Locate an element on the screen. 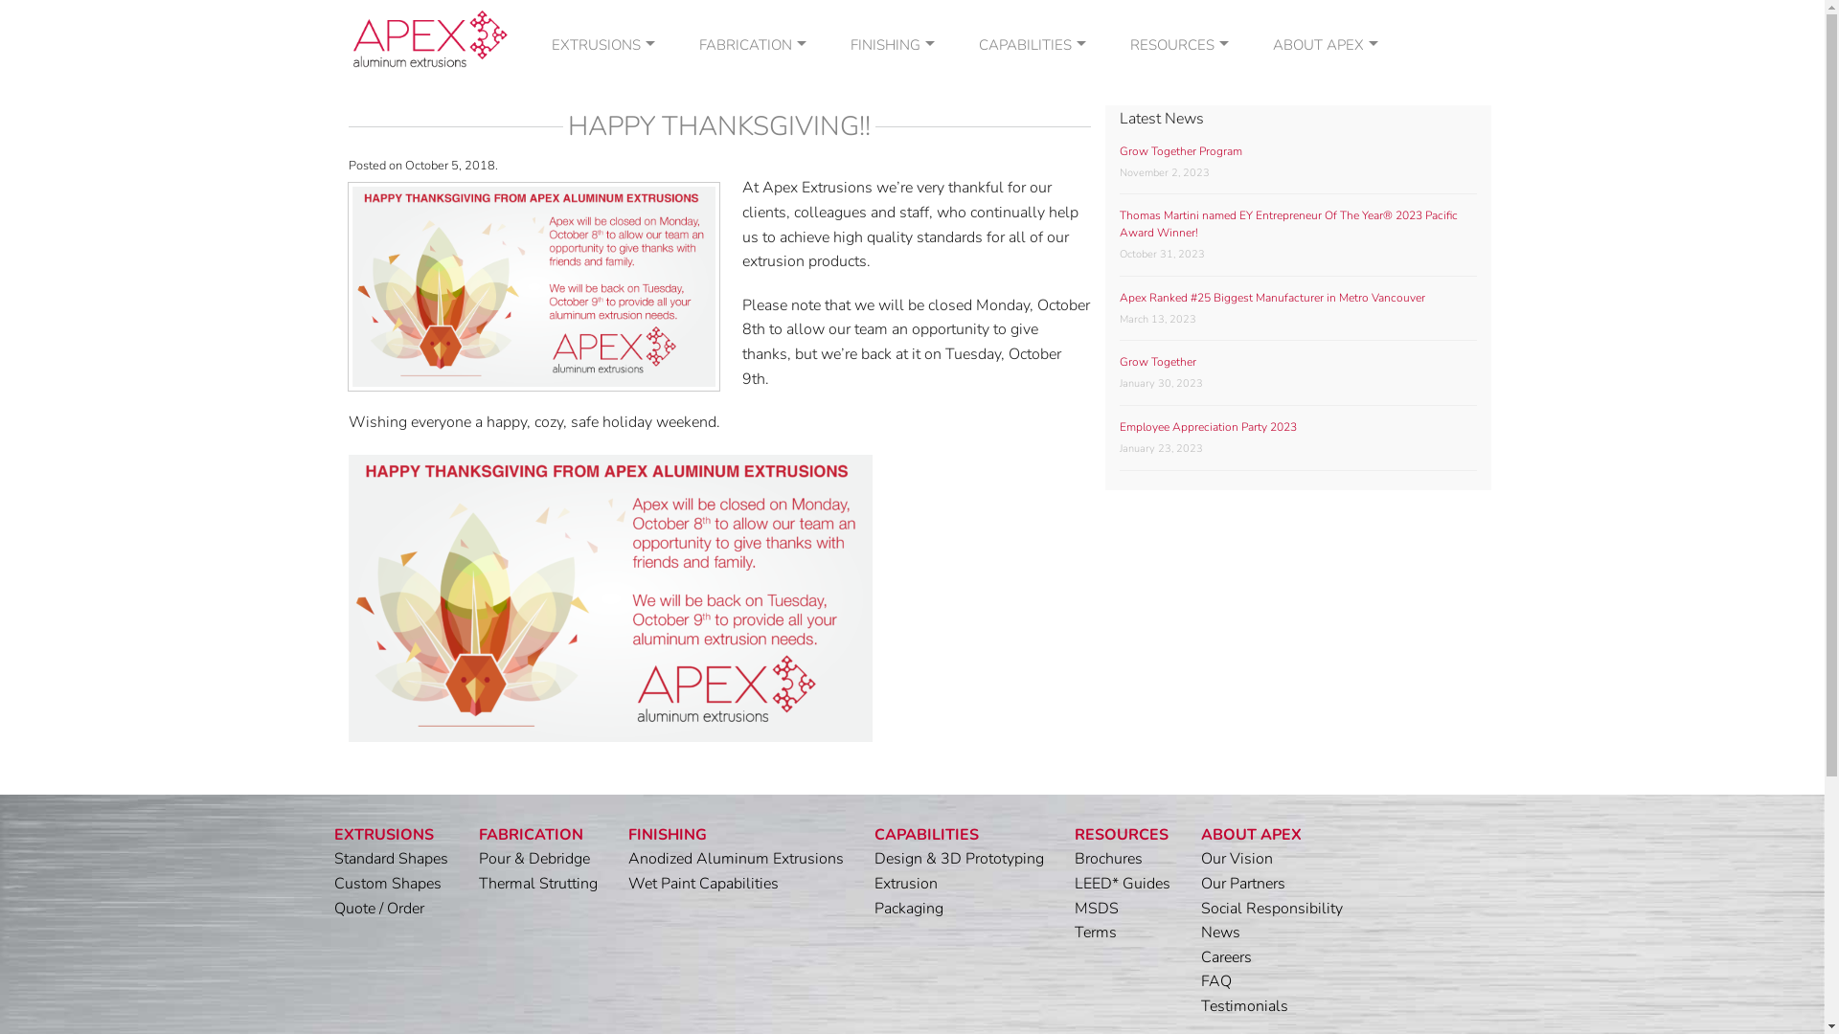  'Anodized Aluminum Extrusions' is located at coordinates (628, 858).